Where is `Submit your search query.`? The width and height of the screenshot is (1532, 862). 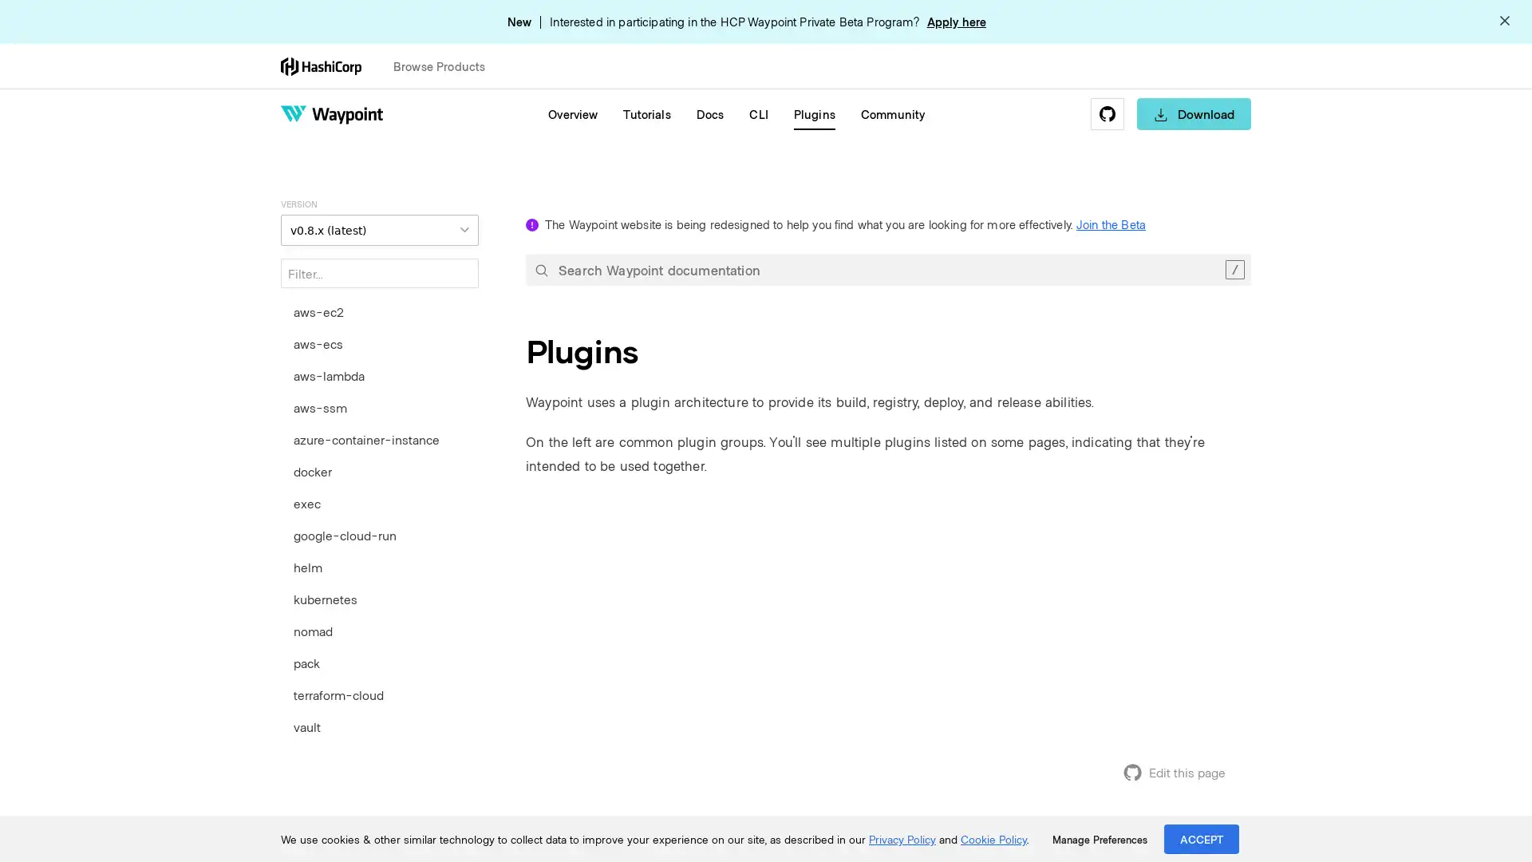 Submit your search query. is located at coordinates (541, 269).